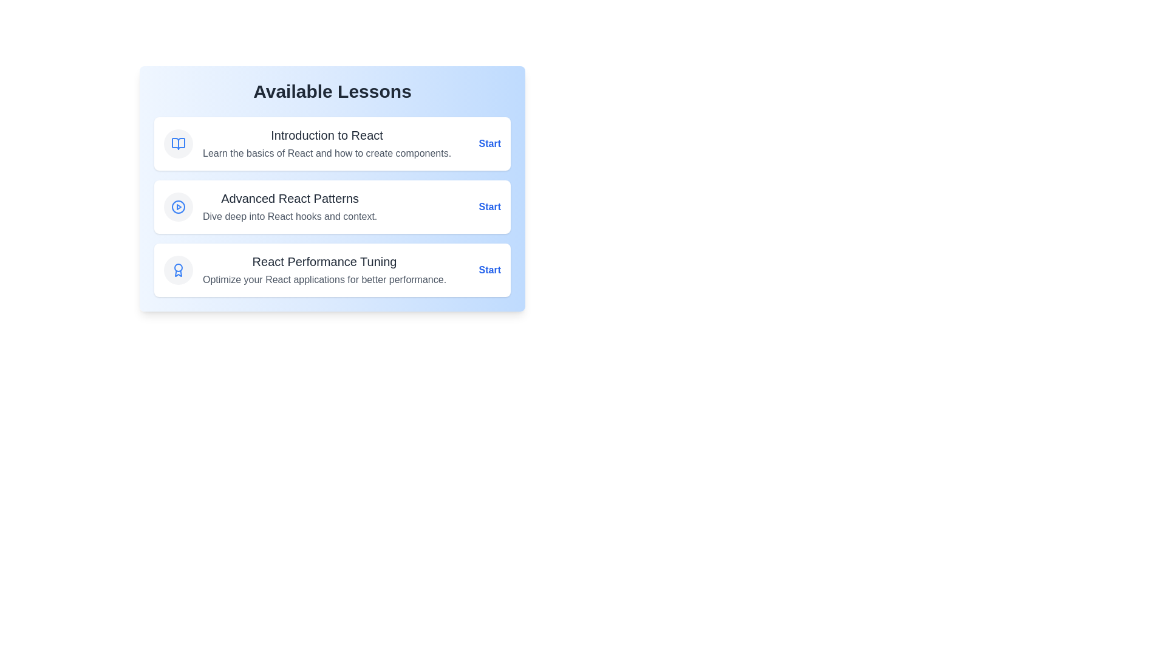 The image size is (1166, 656). What do you see at coordinates (177, 269) in the screenshot?
I see `the icon for the lesson titled 'React Performance Tuning'` at bounding box center [177, 269].